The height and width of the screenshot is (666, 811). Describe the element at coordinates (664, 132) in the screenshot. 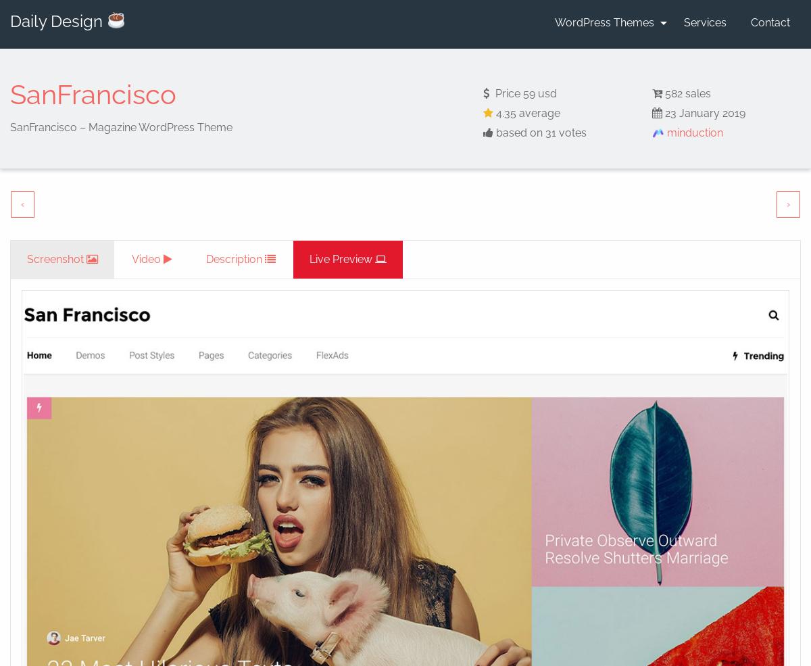

I see `'minduction'` at that location.